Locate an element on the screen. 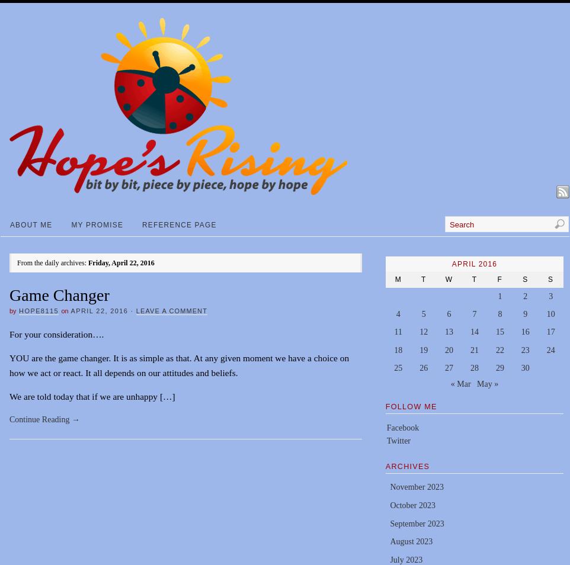 This screenshot has width=570, height=565. 'Friday, April 22, 2016' is located at coordinates (120, 262).